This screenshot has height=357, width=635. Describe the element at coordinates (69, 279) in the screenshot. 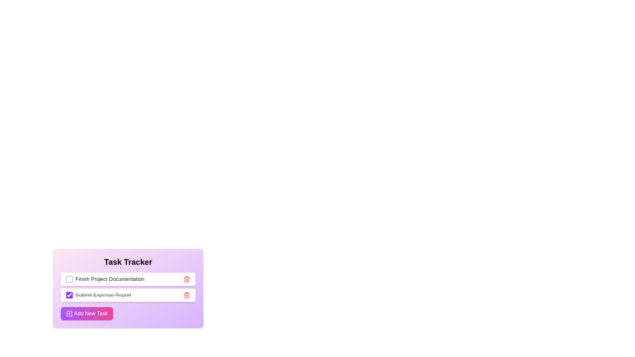

I see `the first checkbox in the vertical task list for the task labeled 'Finish Project Documentation'` at that location.